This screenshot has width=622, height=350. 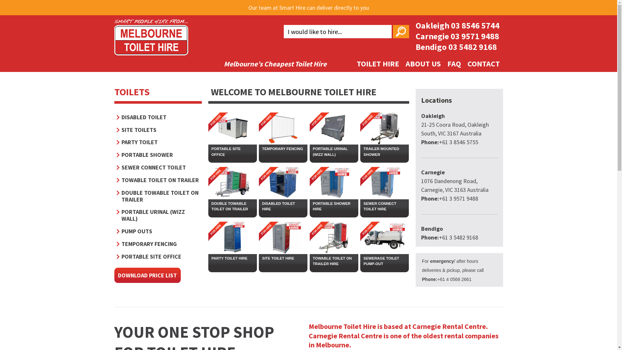 I want to click on 'CONTACT', so click(x=483, y=64).